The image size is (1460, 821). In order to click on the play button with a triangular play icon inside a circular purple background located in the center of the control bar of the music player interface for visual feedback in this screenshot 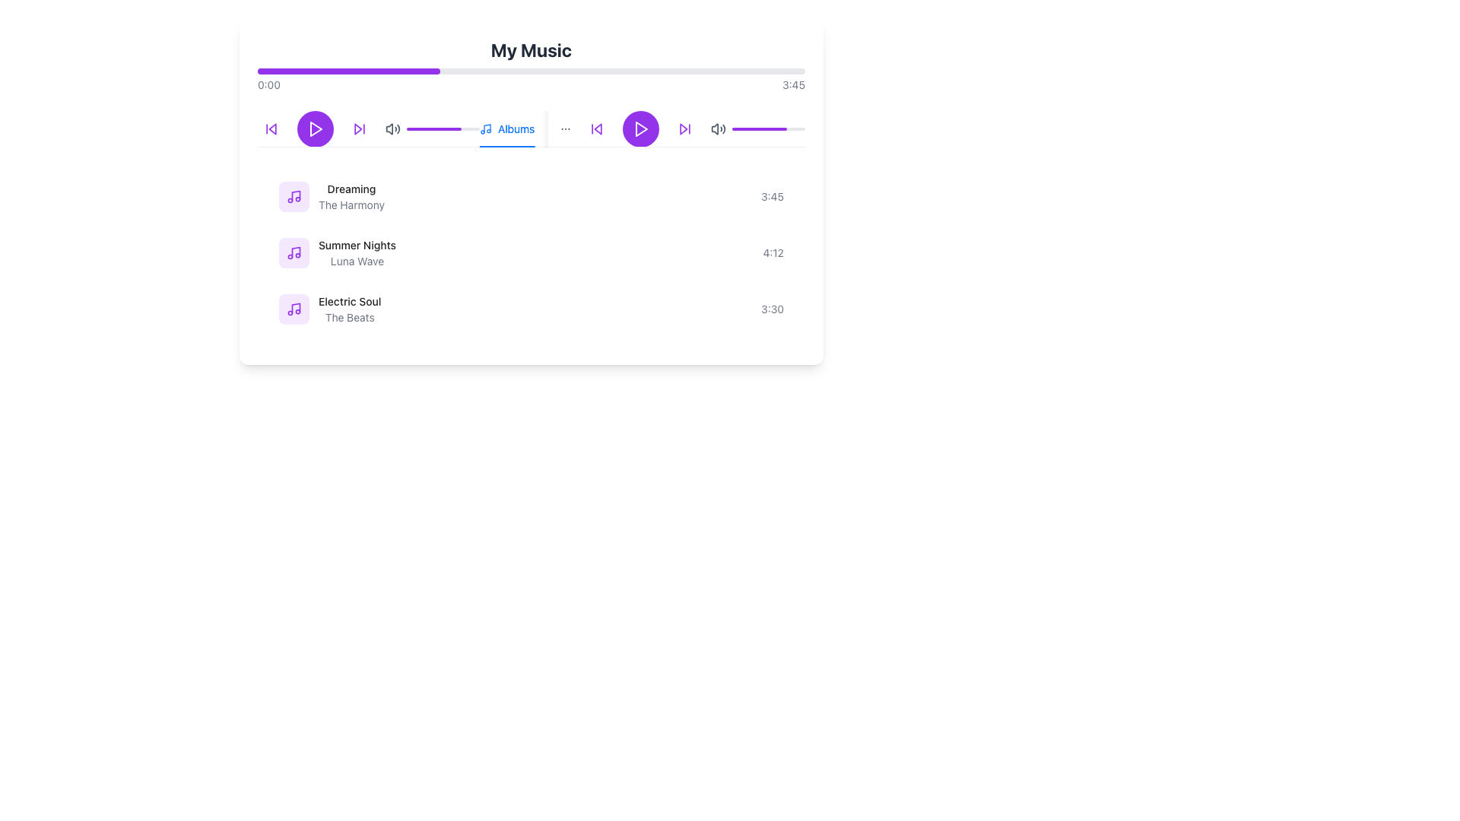, I will do `click(314, 128)`.